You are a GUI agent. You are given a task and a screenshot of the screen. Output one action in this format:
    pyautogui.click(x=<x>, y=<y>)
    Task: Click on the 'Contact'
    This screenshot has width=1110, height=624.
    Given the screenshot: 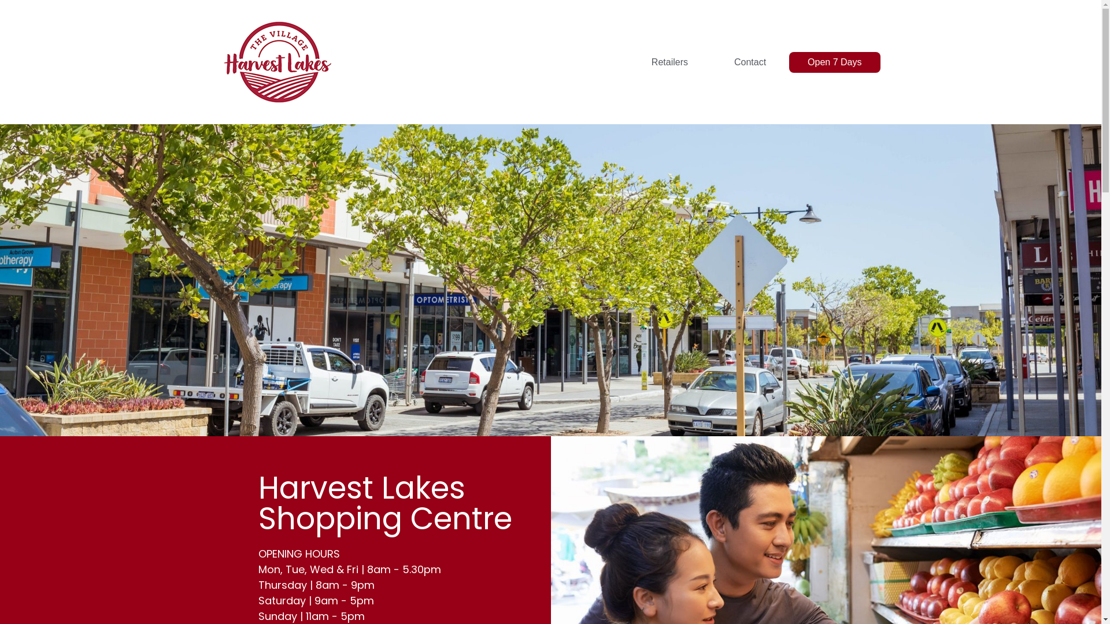 What is the action you would take?
    pyautogui.click(x=750, y=62)
    